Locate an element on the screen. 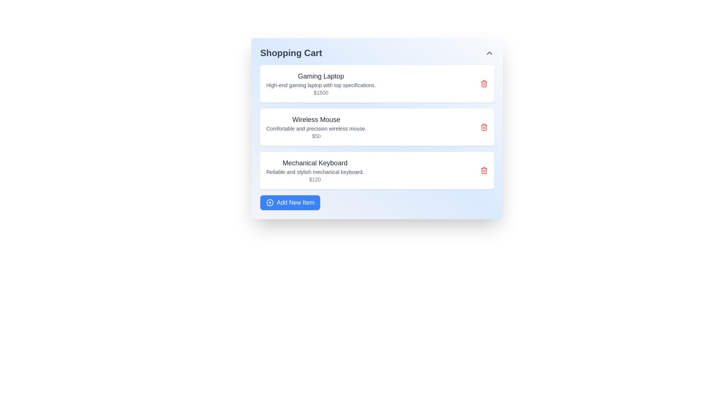 The image size is (719, 404). the product card displaying the wireless mouse's name, description, and price in the shopping cart interface is located at coordinates (316, 126).